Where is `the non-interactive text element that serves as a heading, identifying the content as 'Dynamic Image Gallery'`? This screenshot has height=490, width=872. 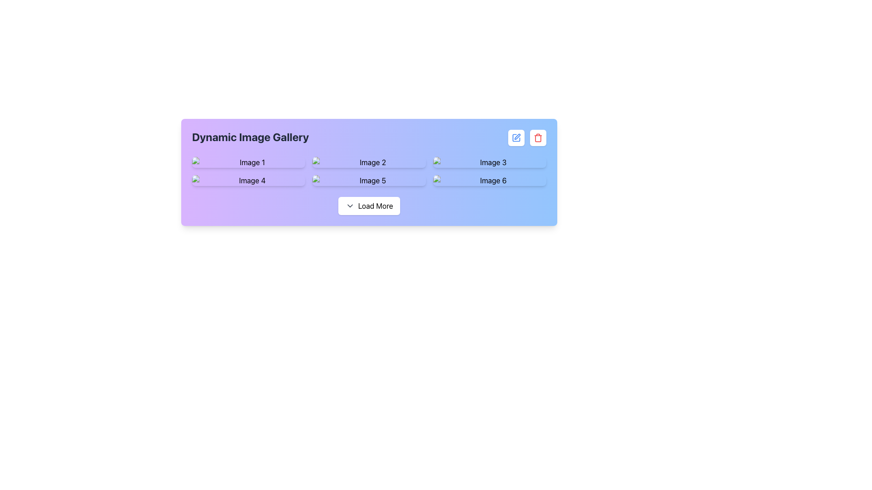 the non-interactive text element that serves as a heading, identifying the content as 'Dynamic Image Gallery' is located at coordinates (250, 138).